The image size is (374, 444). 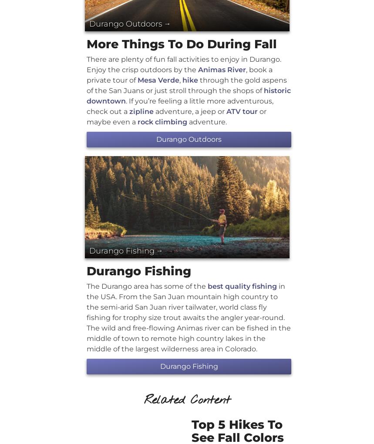 I want to click on 'Related Content', so click(x=186, y=400).